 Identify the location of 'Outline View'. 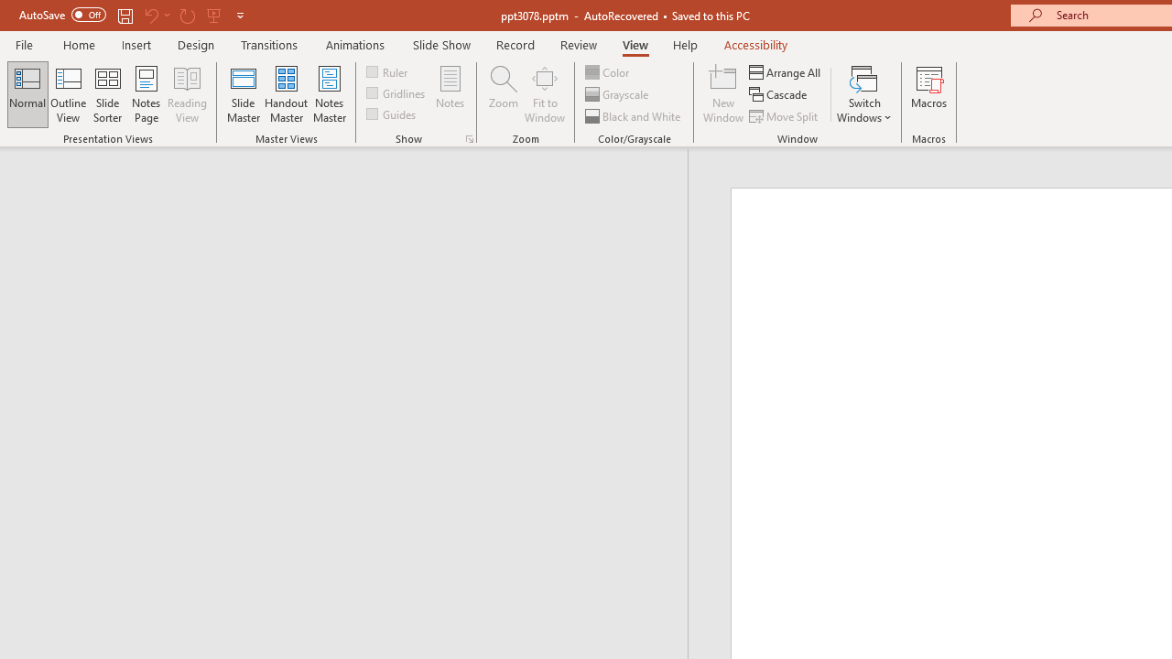
(68, 94).